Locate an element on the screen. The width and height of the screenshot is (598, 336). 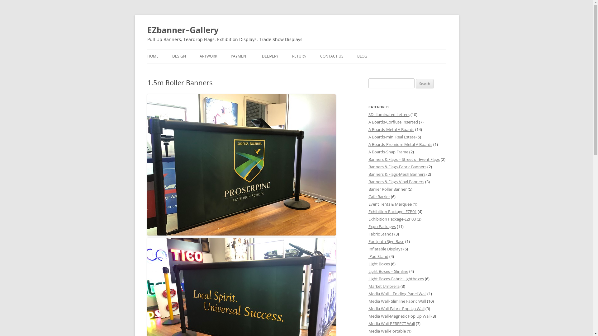
'3D Illuminated Letters' is located at coordinates (388, 114).